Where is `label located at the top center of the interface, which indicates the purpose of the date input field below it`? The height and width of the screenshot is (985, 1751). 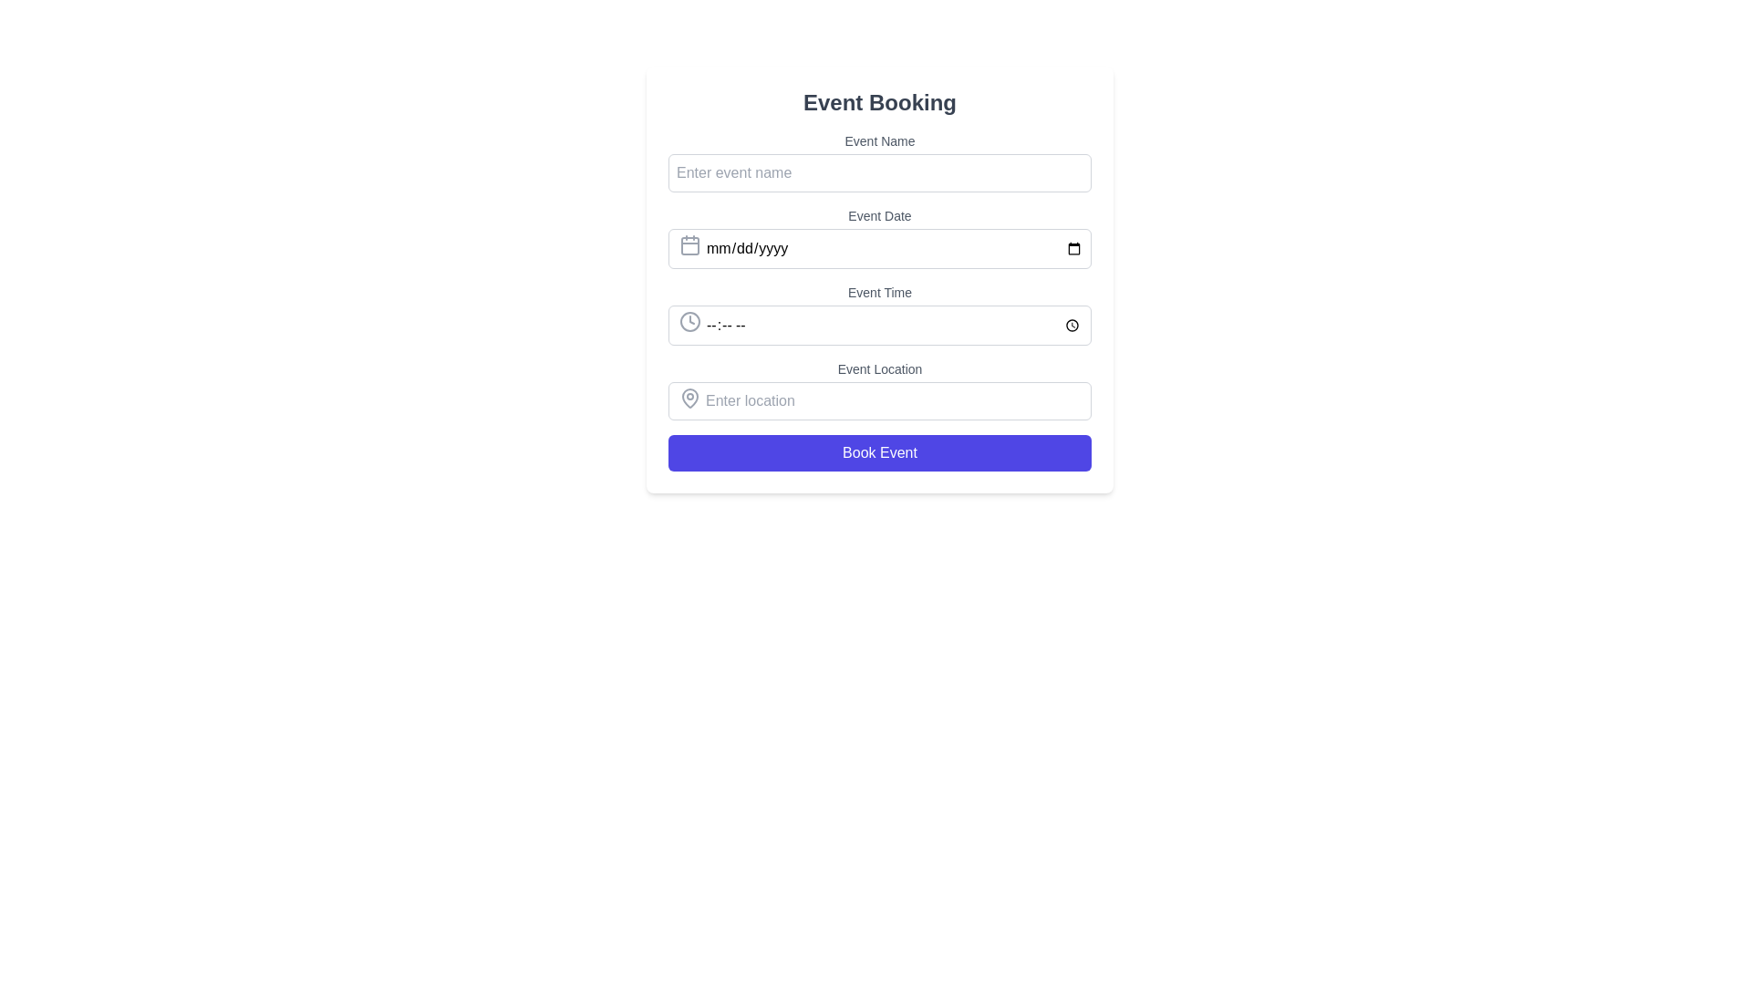
label located at the top center of the interface, which indicates the purpose of the date input field below it is located at coordinates (879, 214).